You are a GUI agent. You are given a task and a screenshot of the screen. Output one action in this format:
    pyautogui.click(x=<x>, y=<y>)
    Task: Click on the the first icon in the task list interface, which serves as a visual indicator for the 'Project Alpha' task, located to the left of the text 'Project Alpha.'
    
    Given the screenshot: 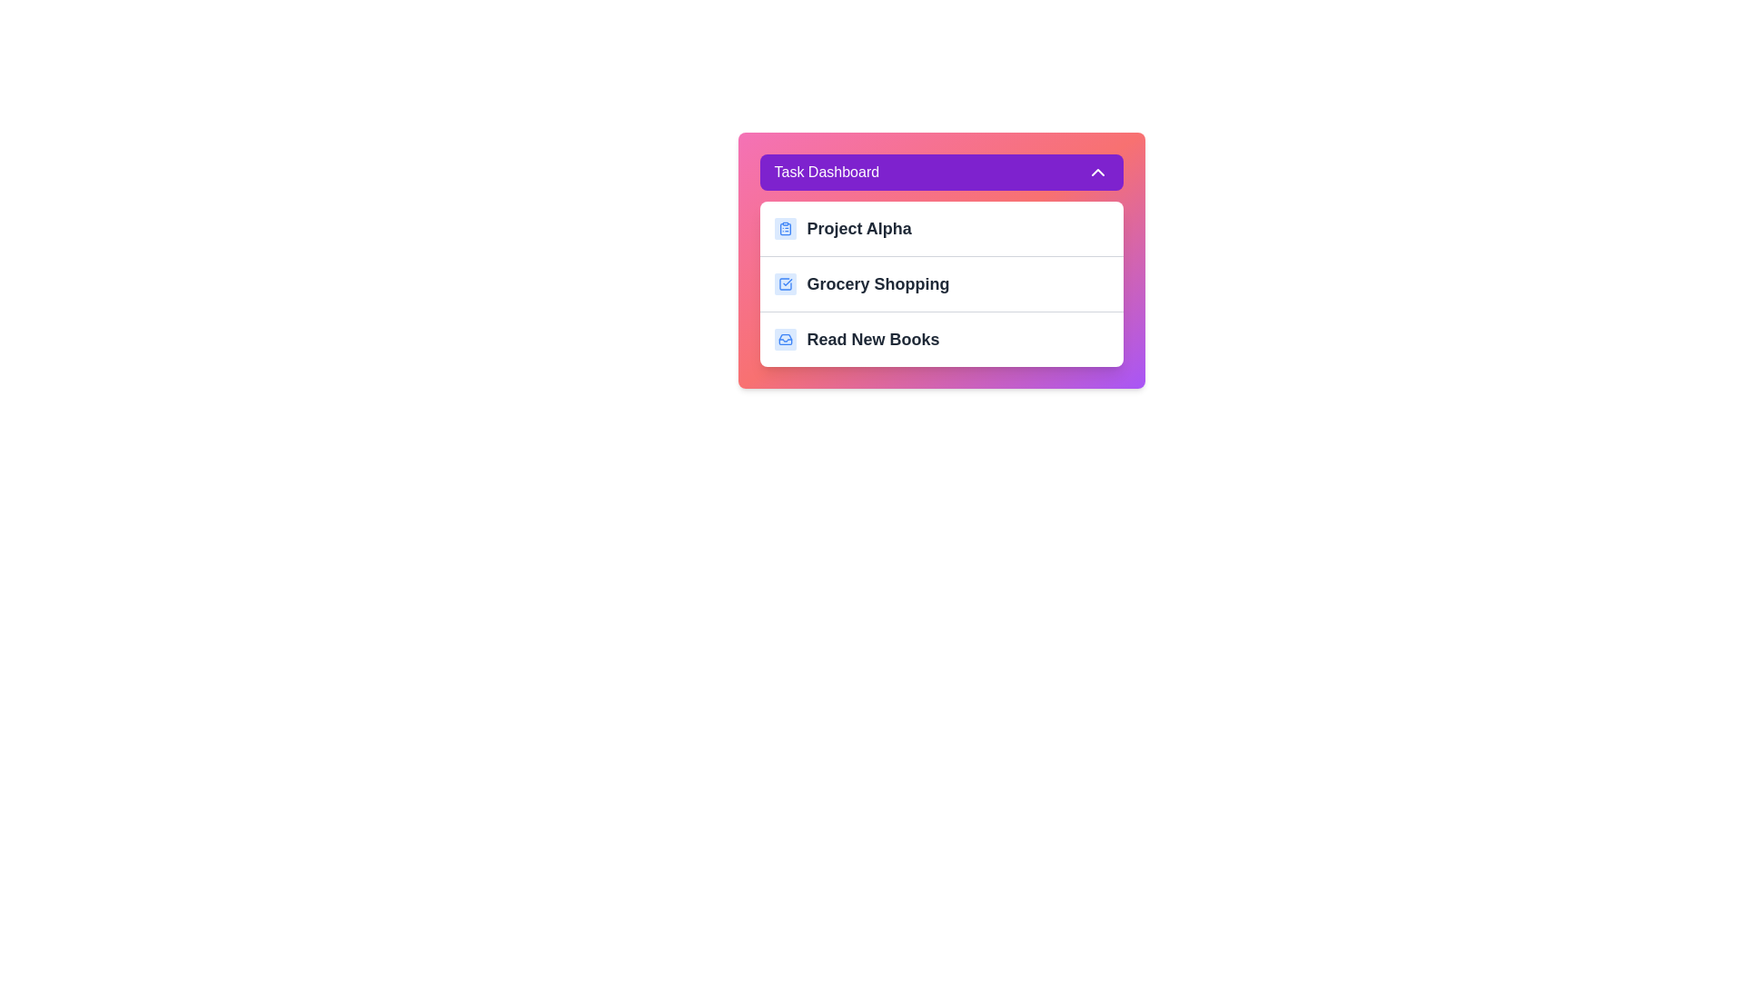 What is the action you would take?
    pyautogui.click(x=785, y=227)
    